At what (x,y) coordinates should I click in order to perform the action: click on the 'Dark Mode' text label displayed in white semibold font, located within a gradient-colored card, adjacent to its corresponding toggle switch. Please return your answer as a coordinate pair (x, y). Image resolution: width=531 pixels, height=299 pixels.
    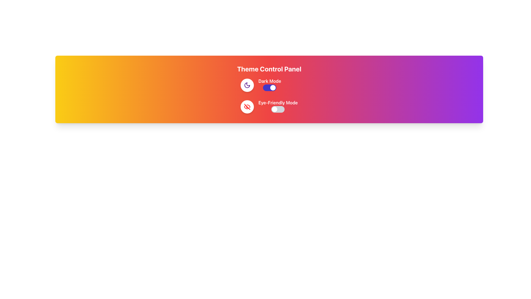
    Looking at the image, I should click on (270, 81).